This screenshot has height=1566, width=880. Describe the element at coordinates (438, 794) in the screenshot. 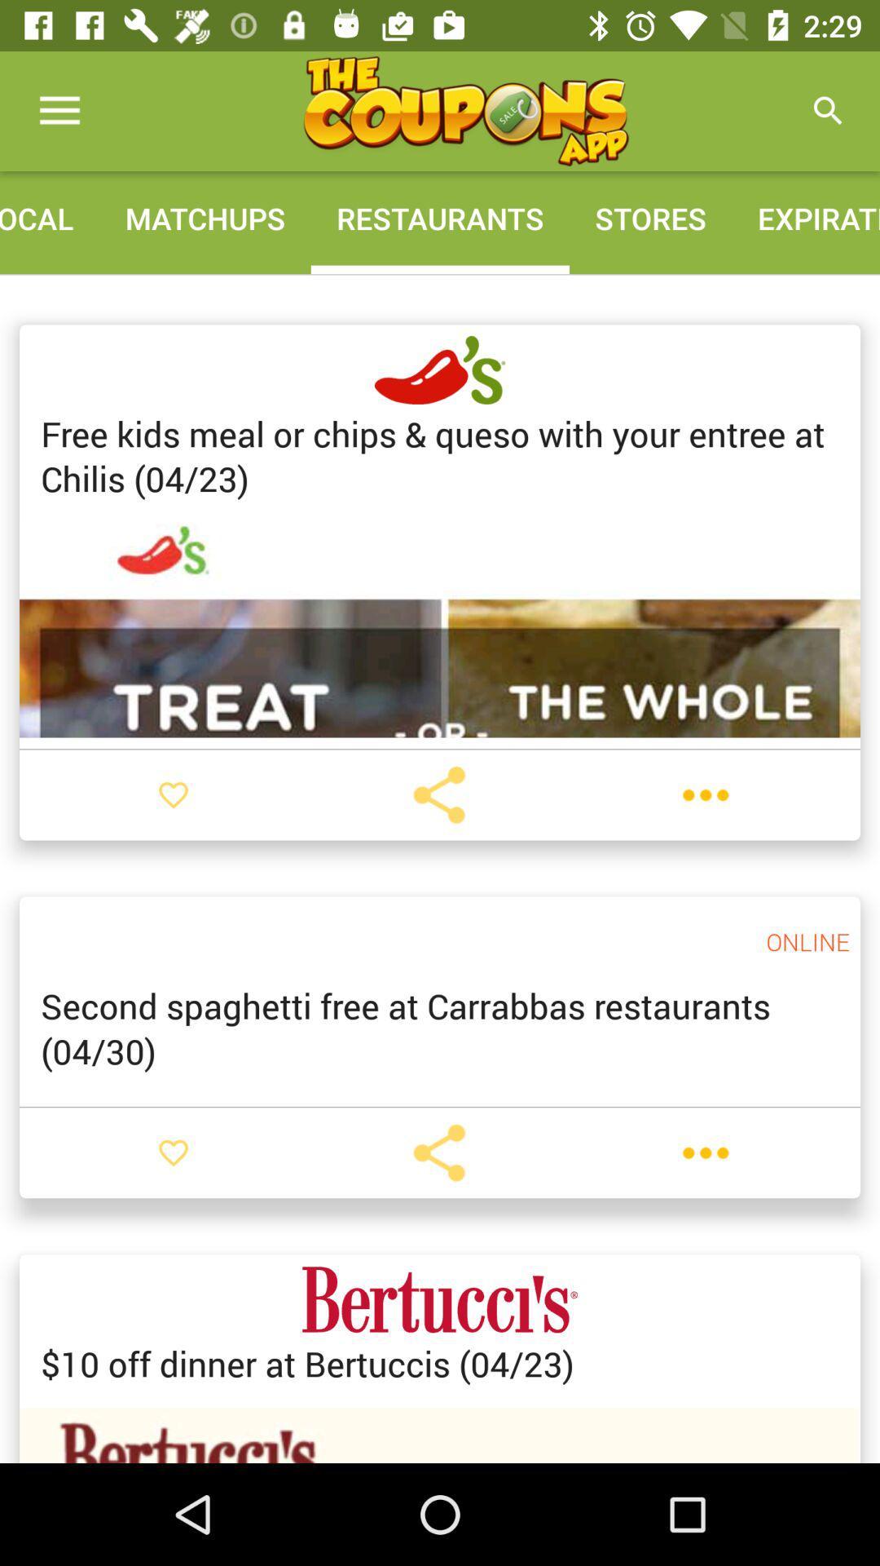

I see `hit the share button` at that location.